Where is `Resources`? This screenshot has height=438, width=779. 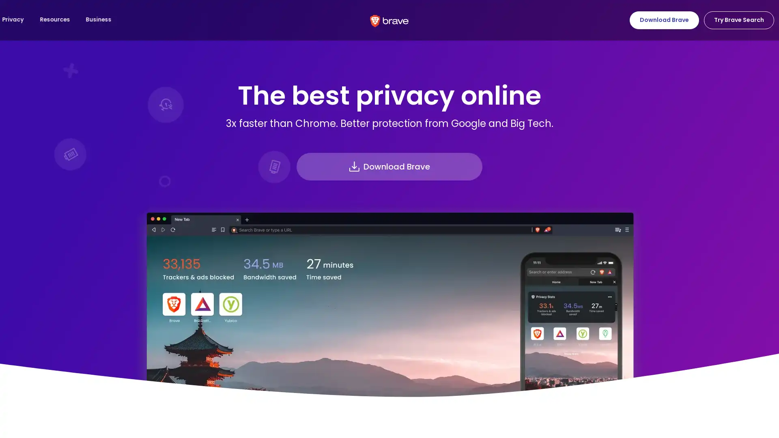 Resources is located at coordinates (148, 19).